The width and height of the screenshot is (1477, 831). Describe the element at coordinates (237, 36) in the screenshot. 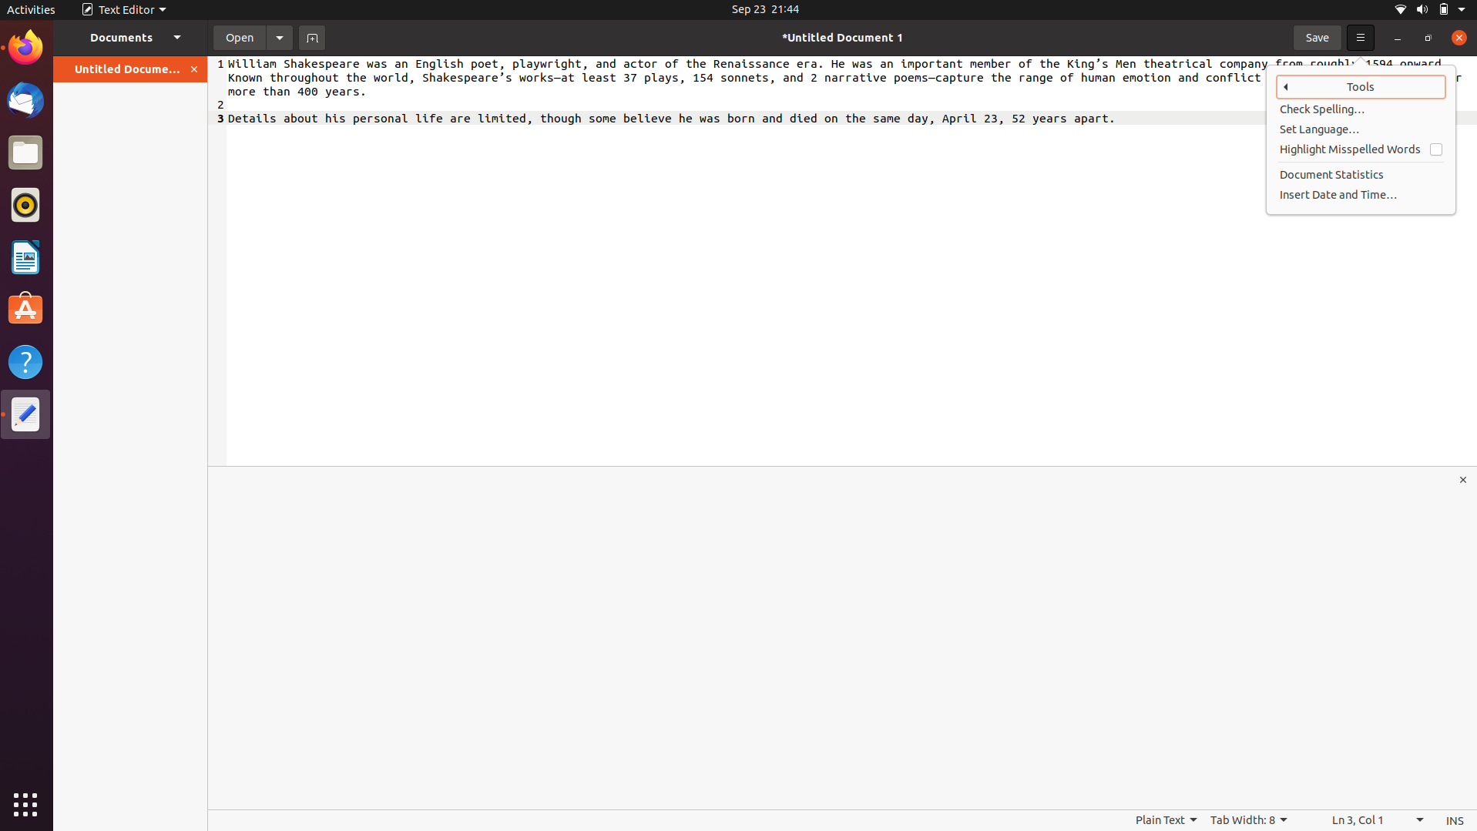

I see `document named time.docx` at that location.